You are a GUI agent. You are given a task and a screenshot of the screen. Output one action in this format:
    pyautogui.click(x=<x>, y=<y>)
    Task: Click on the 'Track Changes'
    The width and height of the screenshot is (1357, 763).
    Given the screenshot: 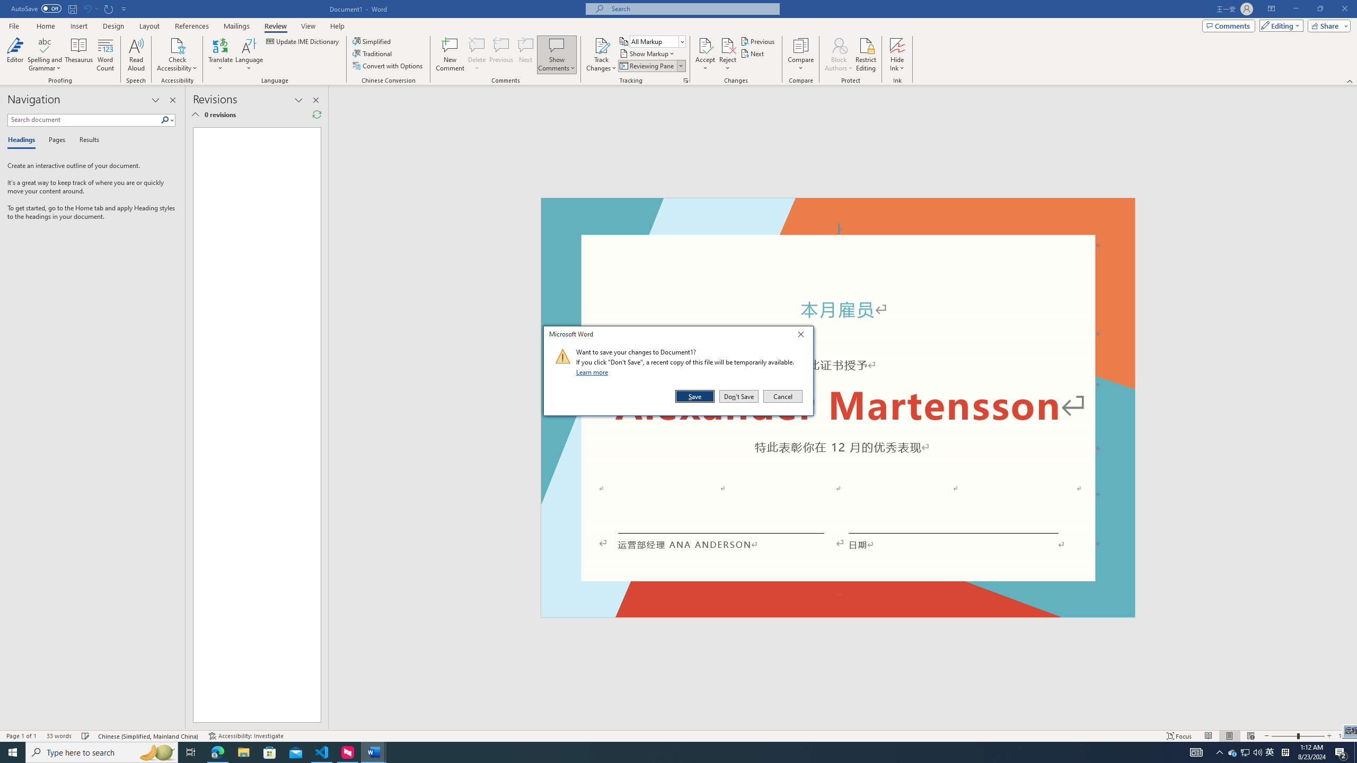 What is the action you would take?
    pyautogui.click(x=601, y=55)
    